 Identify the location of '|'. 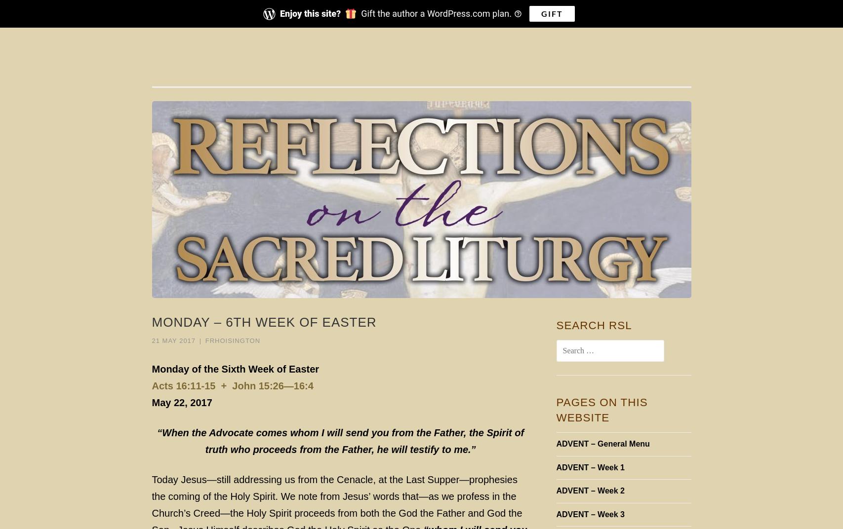
(200, 340).